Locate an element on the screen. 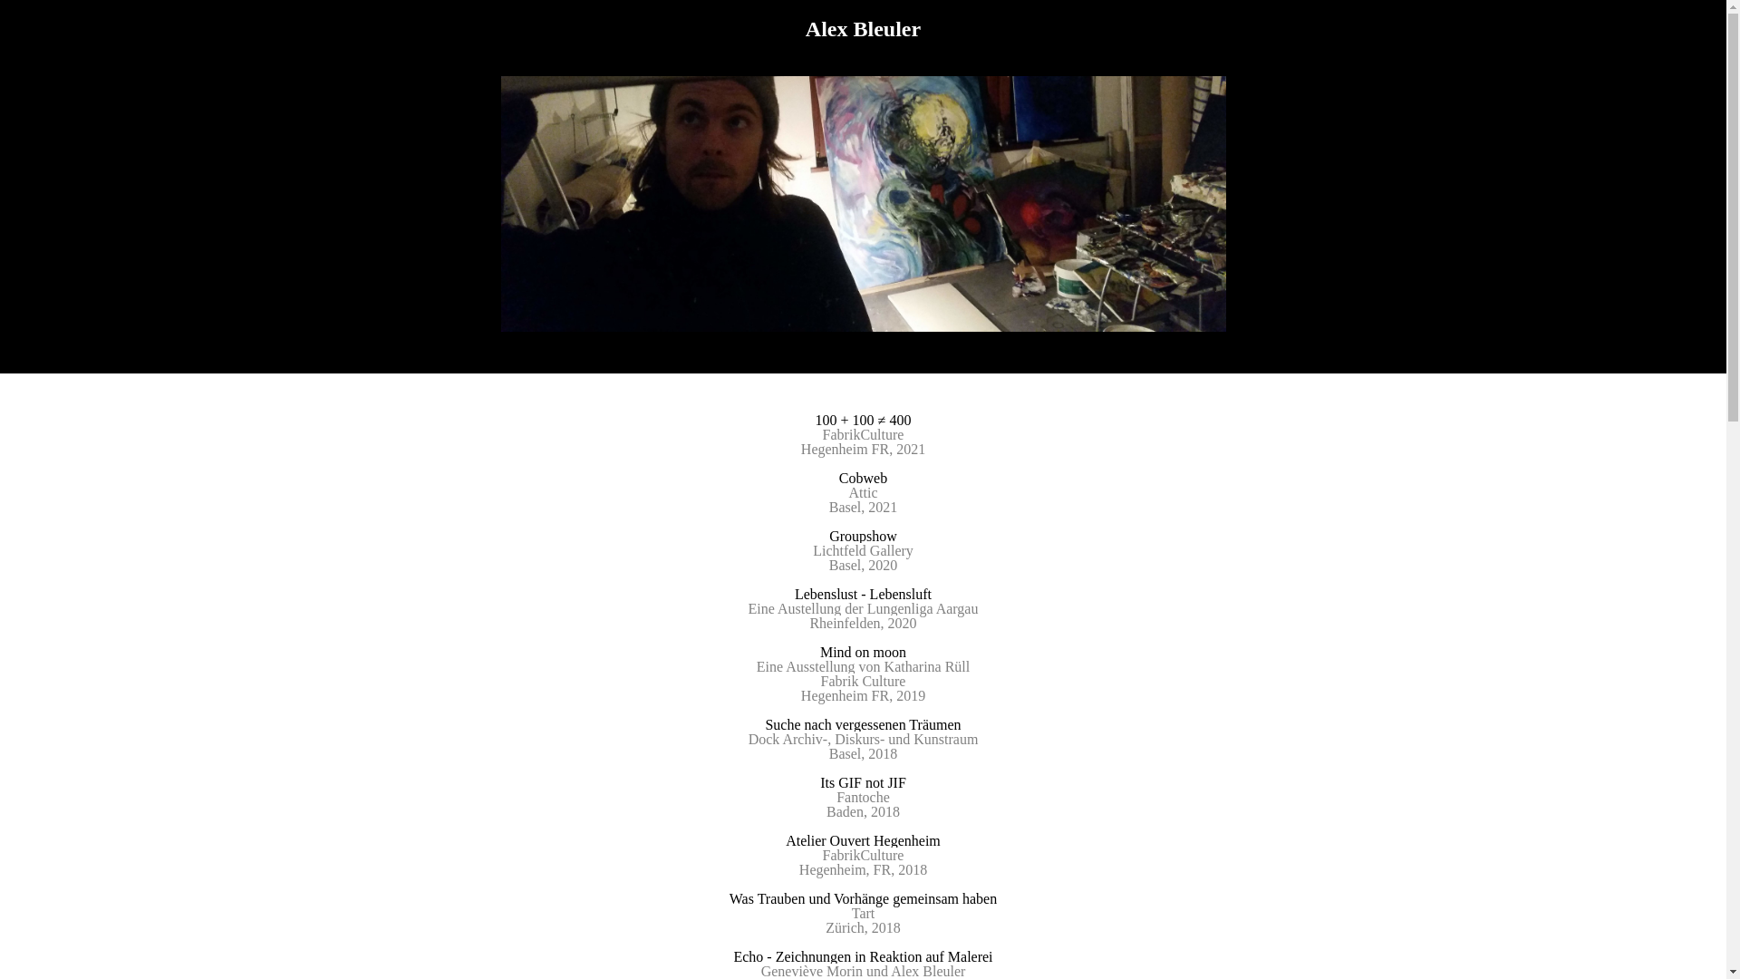  'Basel, 2020' is located at coordinates (863, 564).